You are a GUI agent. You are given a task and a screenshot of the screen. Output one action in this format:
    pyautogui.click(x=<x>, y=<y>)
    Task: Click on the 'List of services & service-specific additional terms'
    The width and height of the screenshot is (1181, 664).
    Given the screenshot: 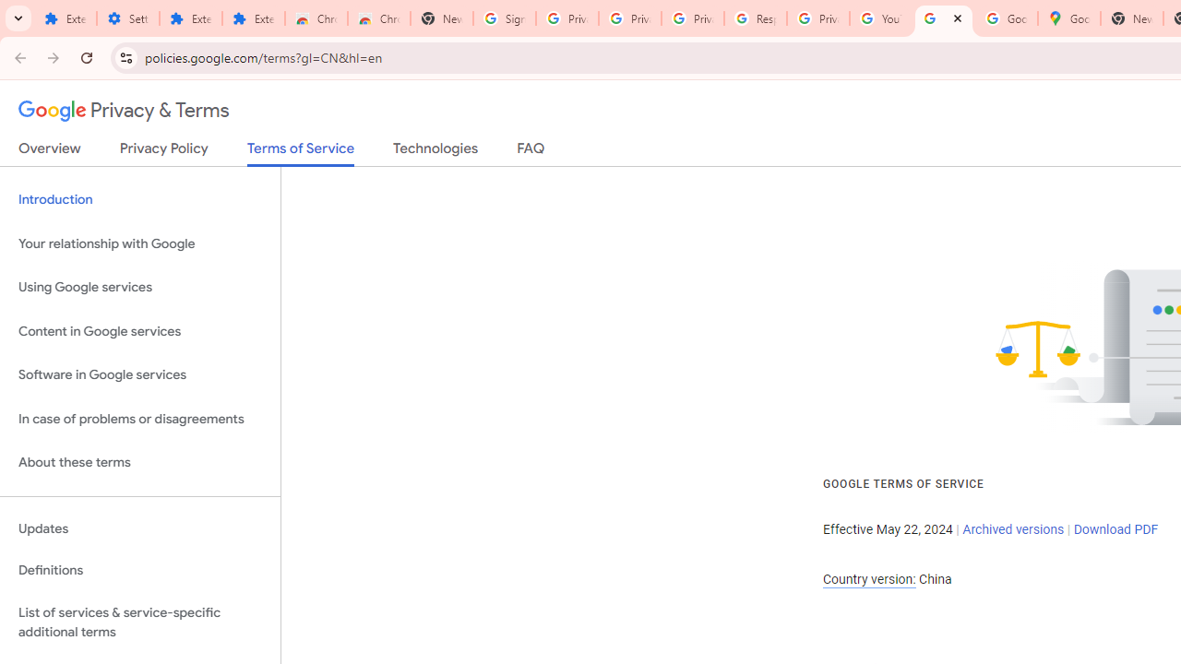 What is the action you would take?
    pyautogui.click(x=139, y=622)
    